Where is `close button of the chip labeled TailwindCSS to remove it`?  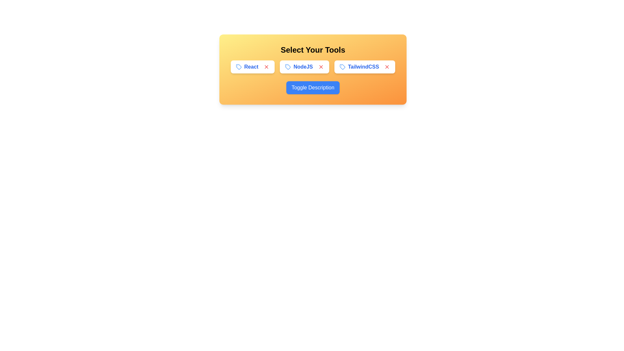
close button of the chip labeled TailwindCSS to remove it is located at coordinates (387, 67).